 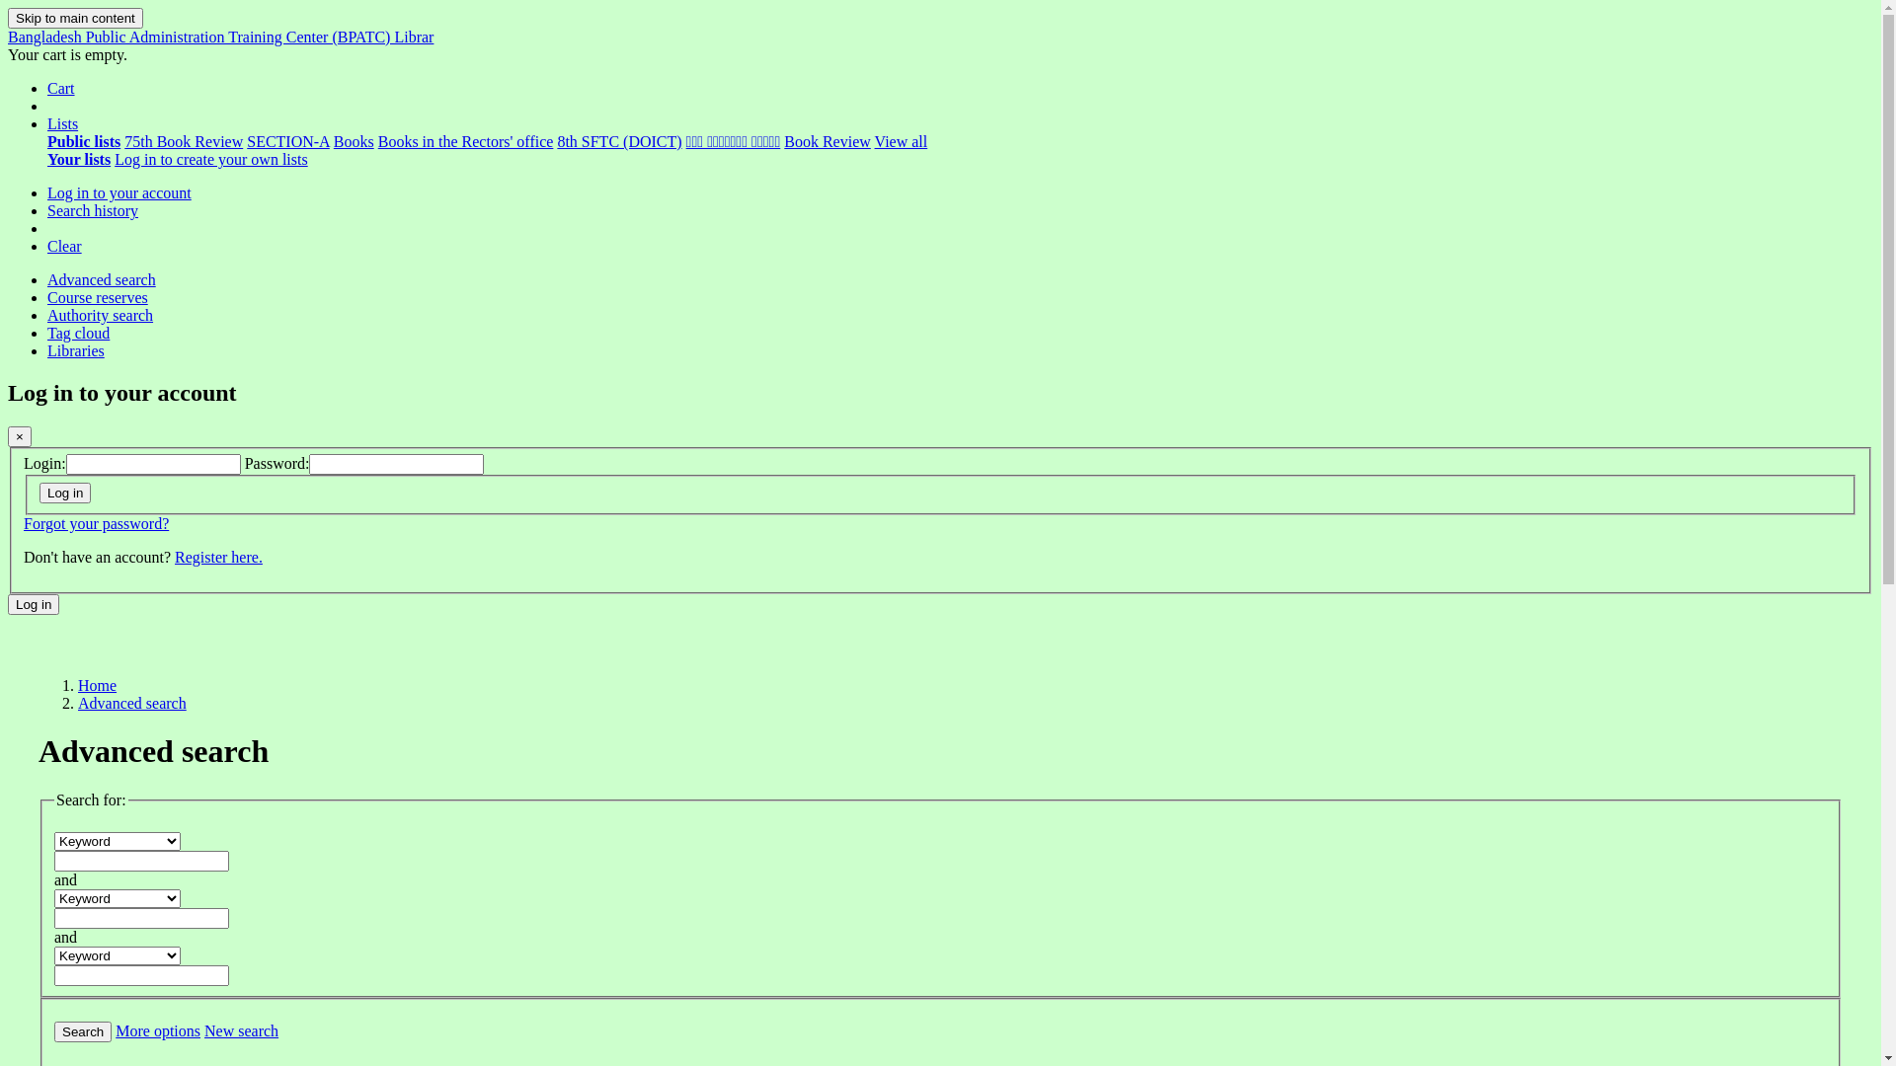 What do you see at coordinates (464, 140) in the screenshot?
I see `'Books in the Rectors' office'` at bounding box center [464, 140].